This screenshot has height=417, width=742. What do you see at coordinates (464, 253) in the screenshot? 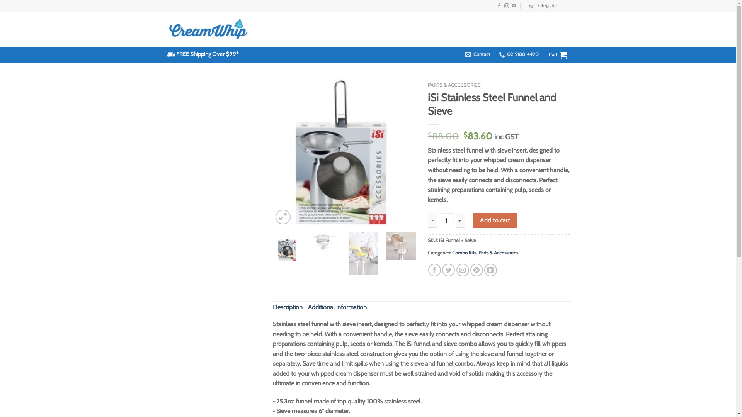
I see `'Combo Kits'` at bounding box center [464, 253].